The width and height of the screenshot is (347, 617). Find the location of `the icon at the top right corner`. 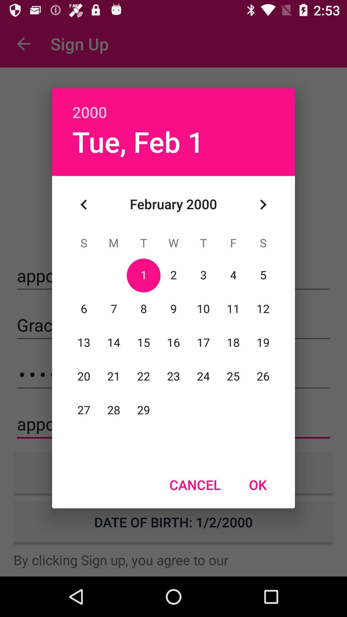

the icon at the top right corner is located at coordinates (263, 204).